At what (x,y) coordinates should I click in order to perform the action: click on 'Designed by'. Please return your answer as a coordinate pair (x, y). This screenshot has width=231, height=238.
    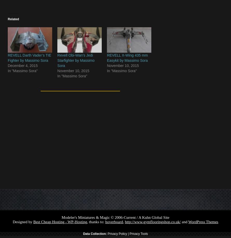
    Looking at the image, I should click on (23, 222).